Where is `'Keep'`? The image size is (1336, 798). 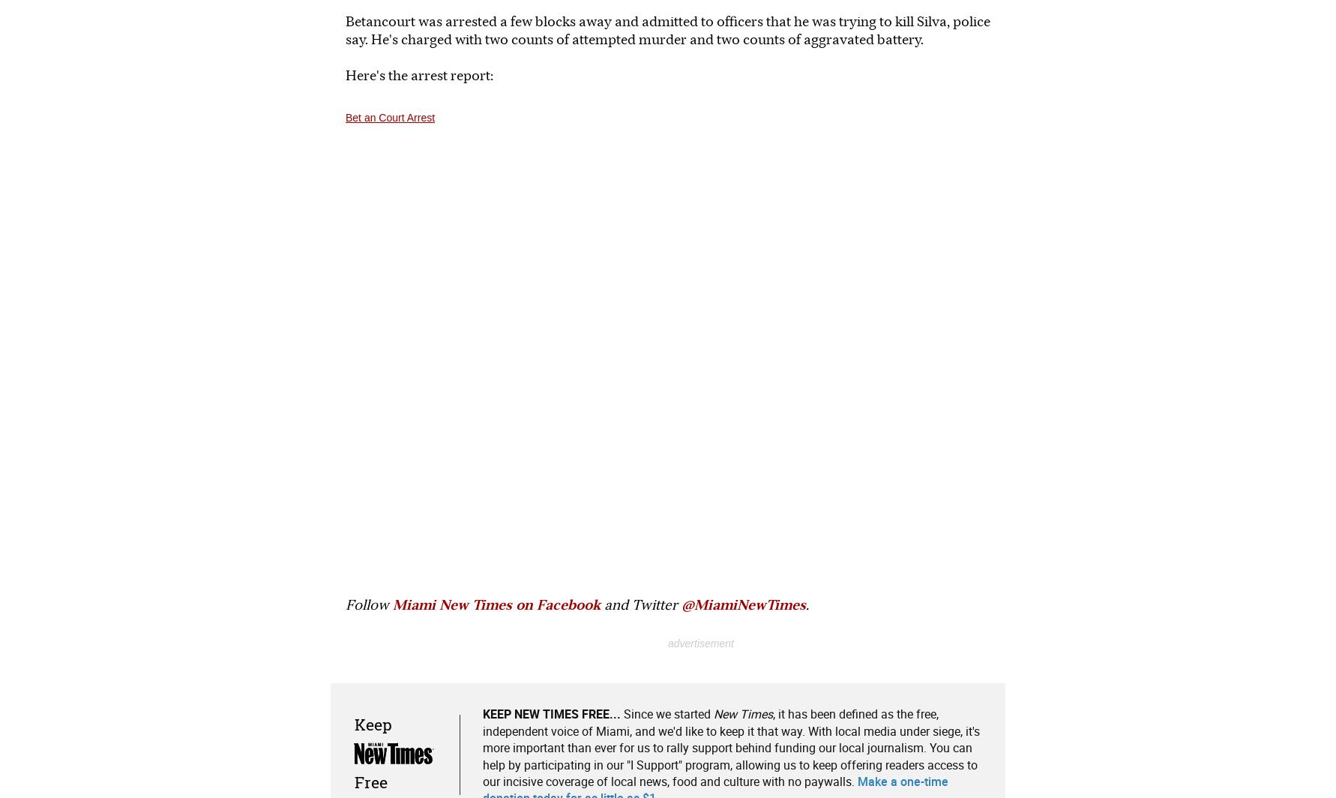 'Keep' is located at coordinates (373, 724).